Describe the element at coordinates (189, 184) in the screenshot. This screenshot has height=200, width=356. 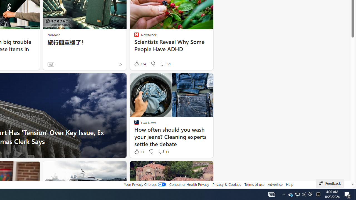
I see `'Consumer Health Privacy'` at that location.